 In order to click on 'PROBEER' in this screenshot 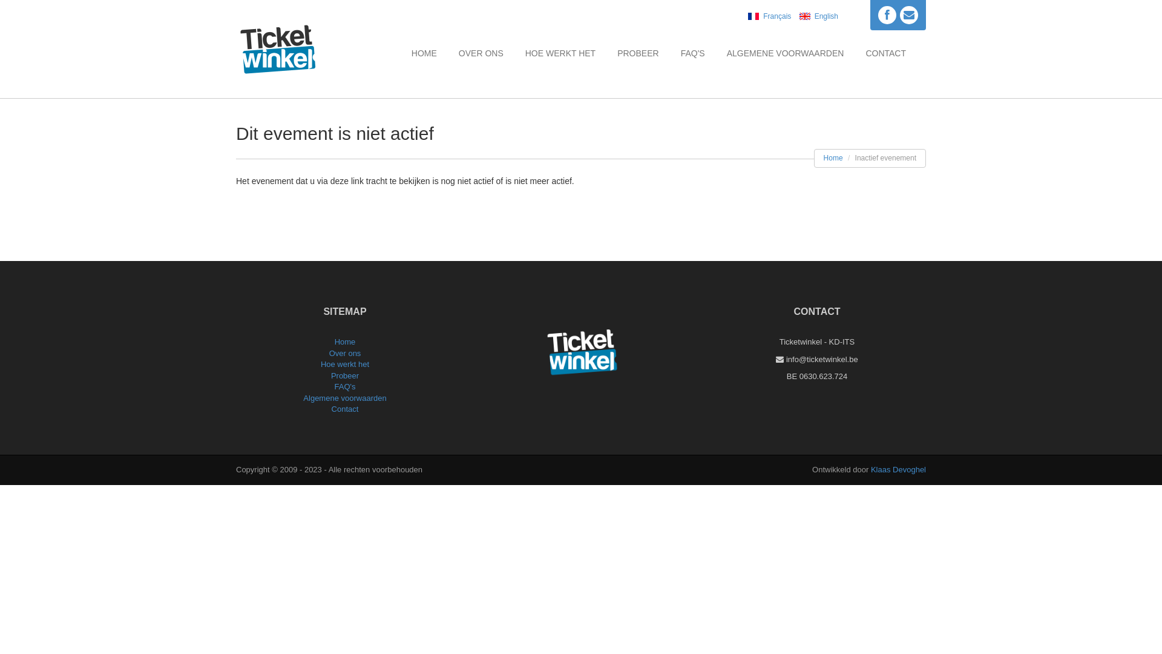, I will do `click(637, 53)`.